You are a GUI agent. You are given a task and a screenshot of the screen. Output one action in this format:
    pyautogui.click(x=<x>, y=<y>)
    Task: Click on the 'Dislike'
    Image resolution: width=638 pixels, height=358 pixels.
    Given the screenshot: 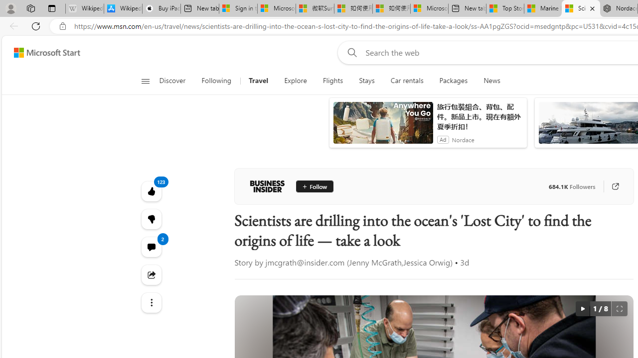 What is the action you would take?
    pyautogui.click(x=151, y=219)
    